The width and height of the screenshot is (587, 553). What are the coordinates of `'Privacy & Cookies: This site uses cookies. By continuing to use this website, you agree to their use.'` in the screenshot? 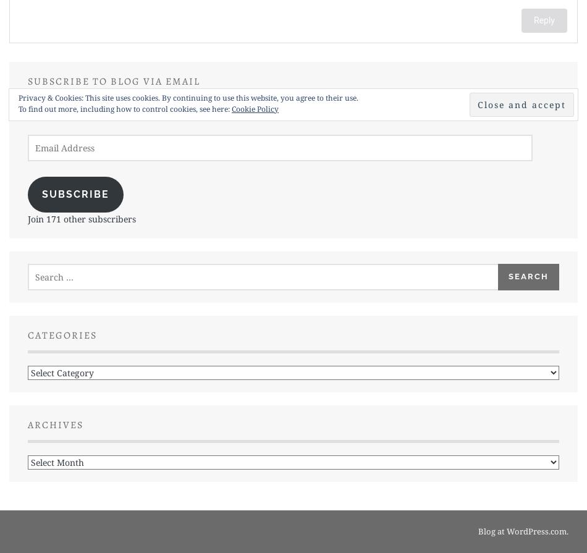 It's located at (188, 98).